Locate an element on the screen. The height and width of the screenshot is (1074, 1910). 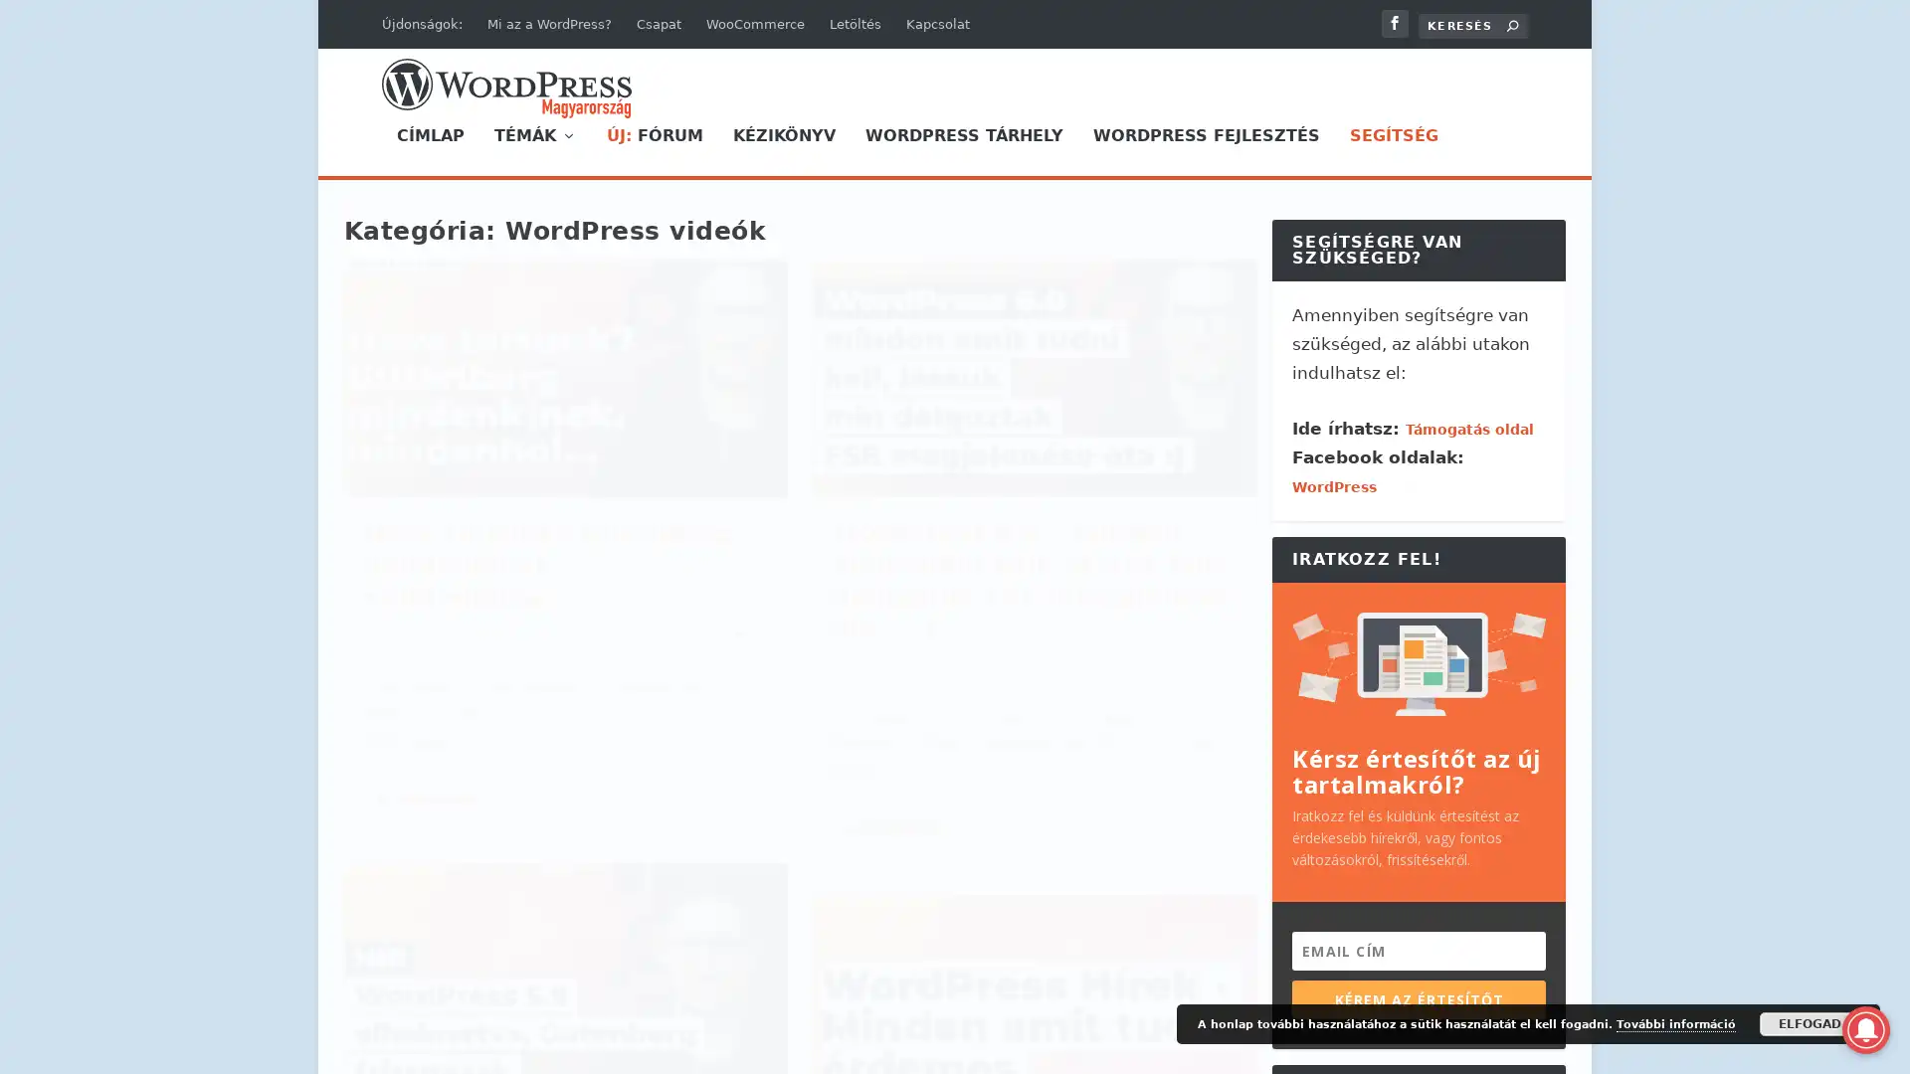
ELFOGAD is located at coordinates (1810, 1023).